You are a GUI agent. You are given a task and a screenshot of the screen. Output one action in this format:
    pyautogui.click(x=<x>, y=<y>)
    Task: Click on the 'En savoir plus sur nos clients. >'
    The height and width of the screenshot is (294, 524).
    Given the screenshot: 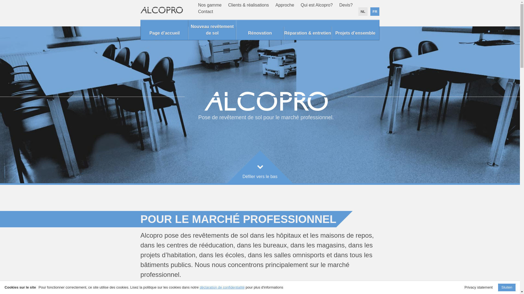 What is the action you would take?
    pyautogui.click(x=187, y=287)
    